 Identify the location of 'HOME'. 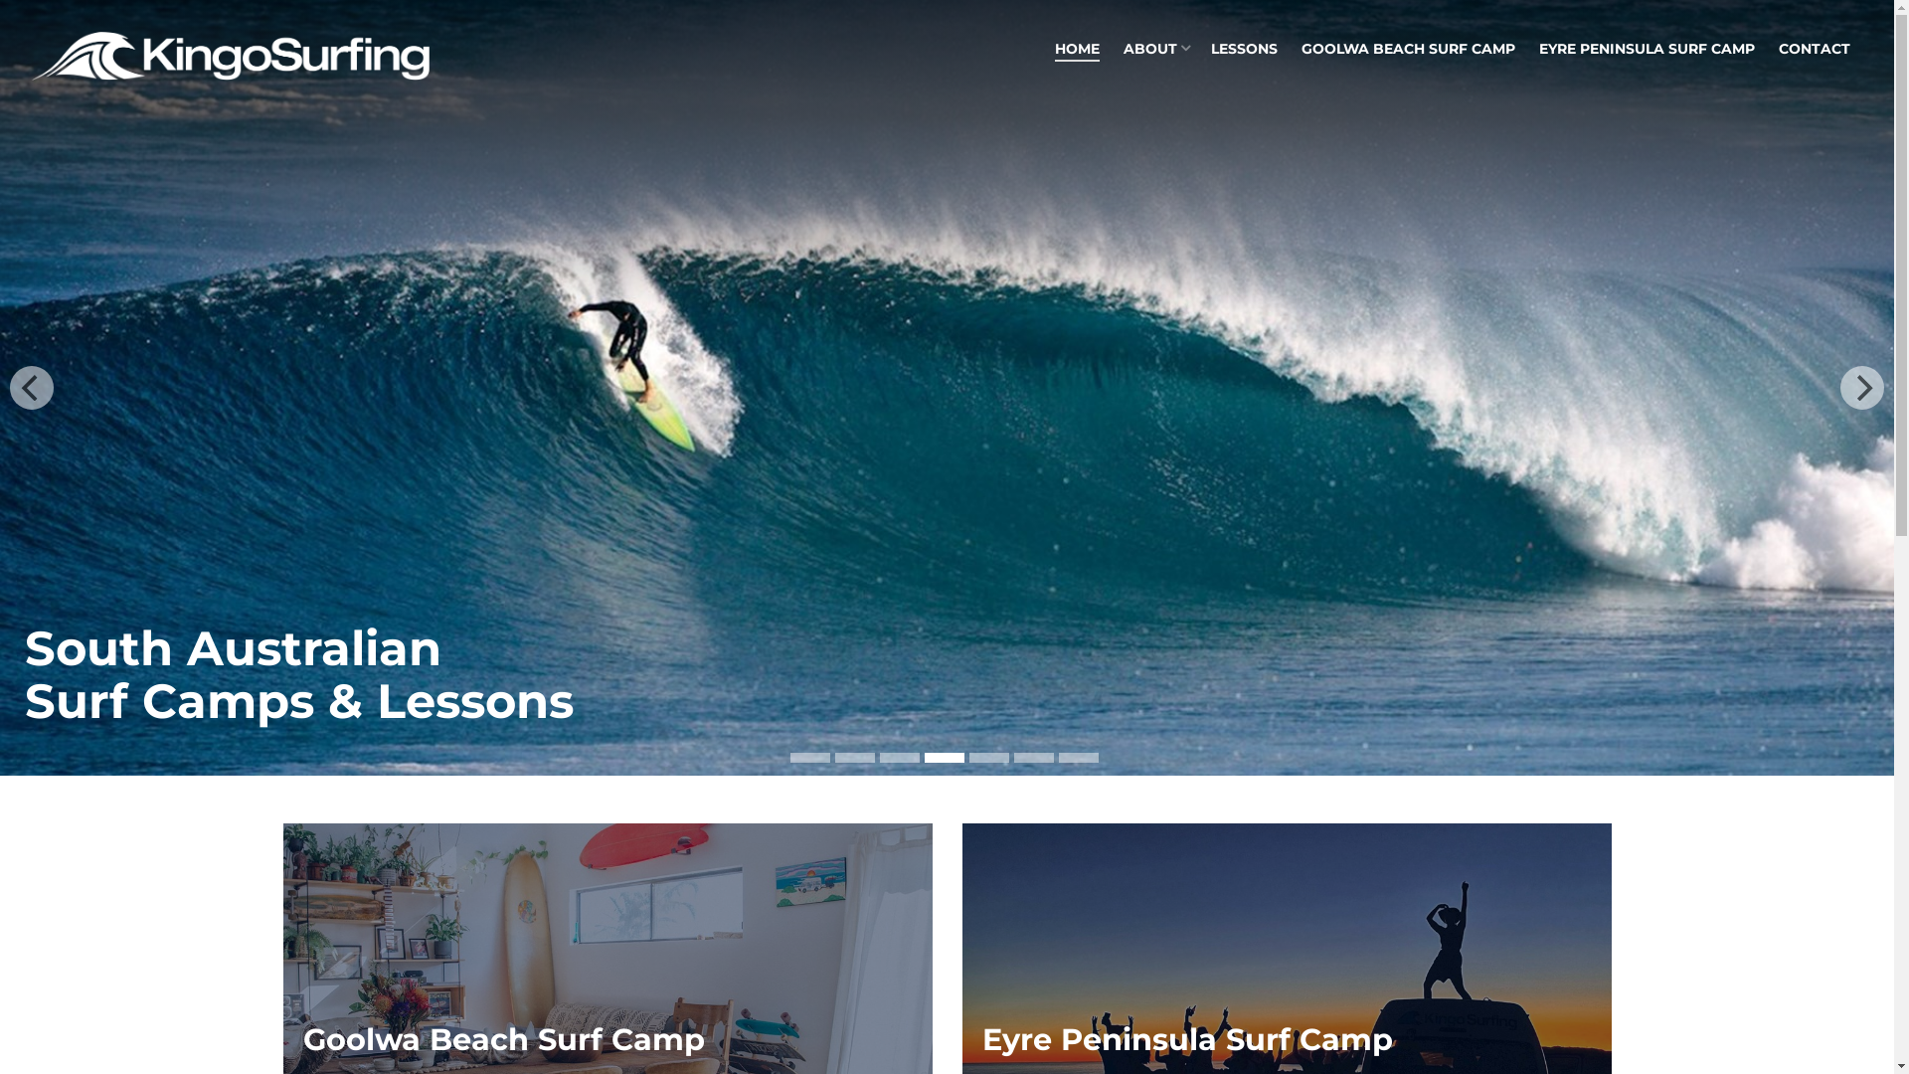
(1076, 49).